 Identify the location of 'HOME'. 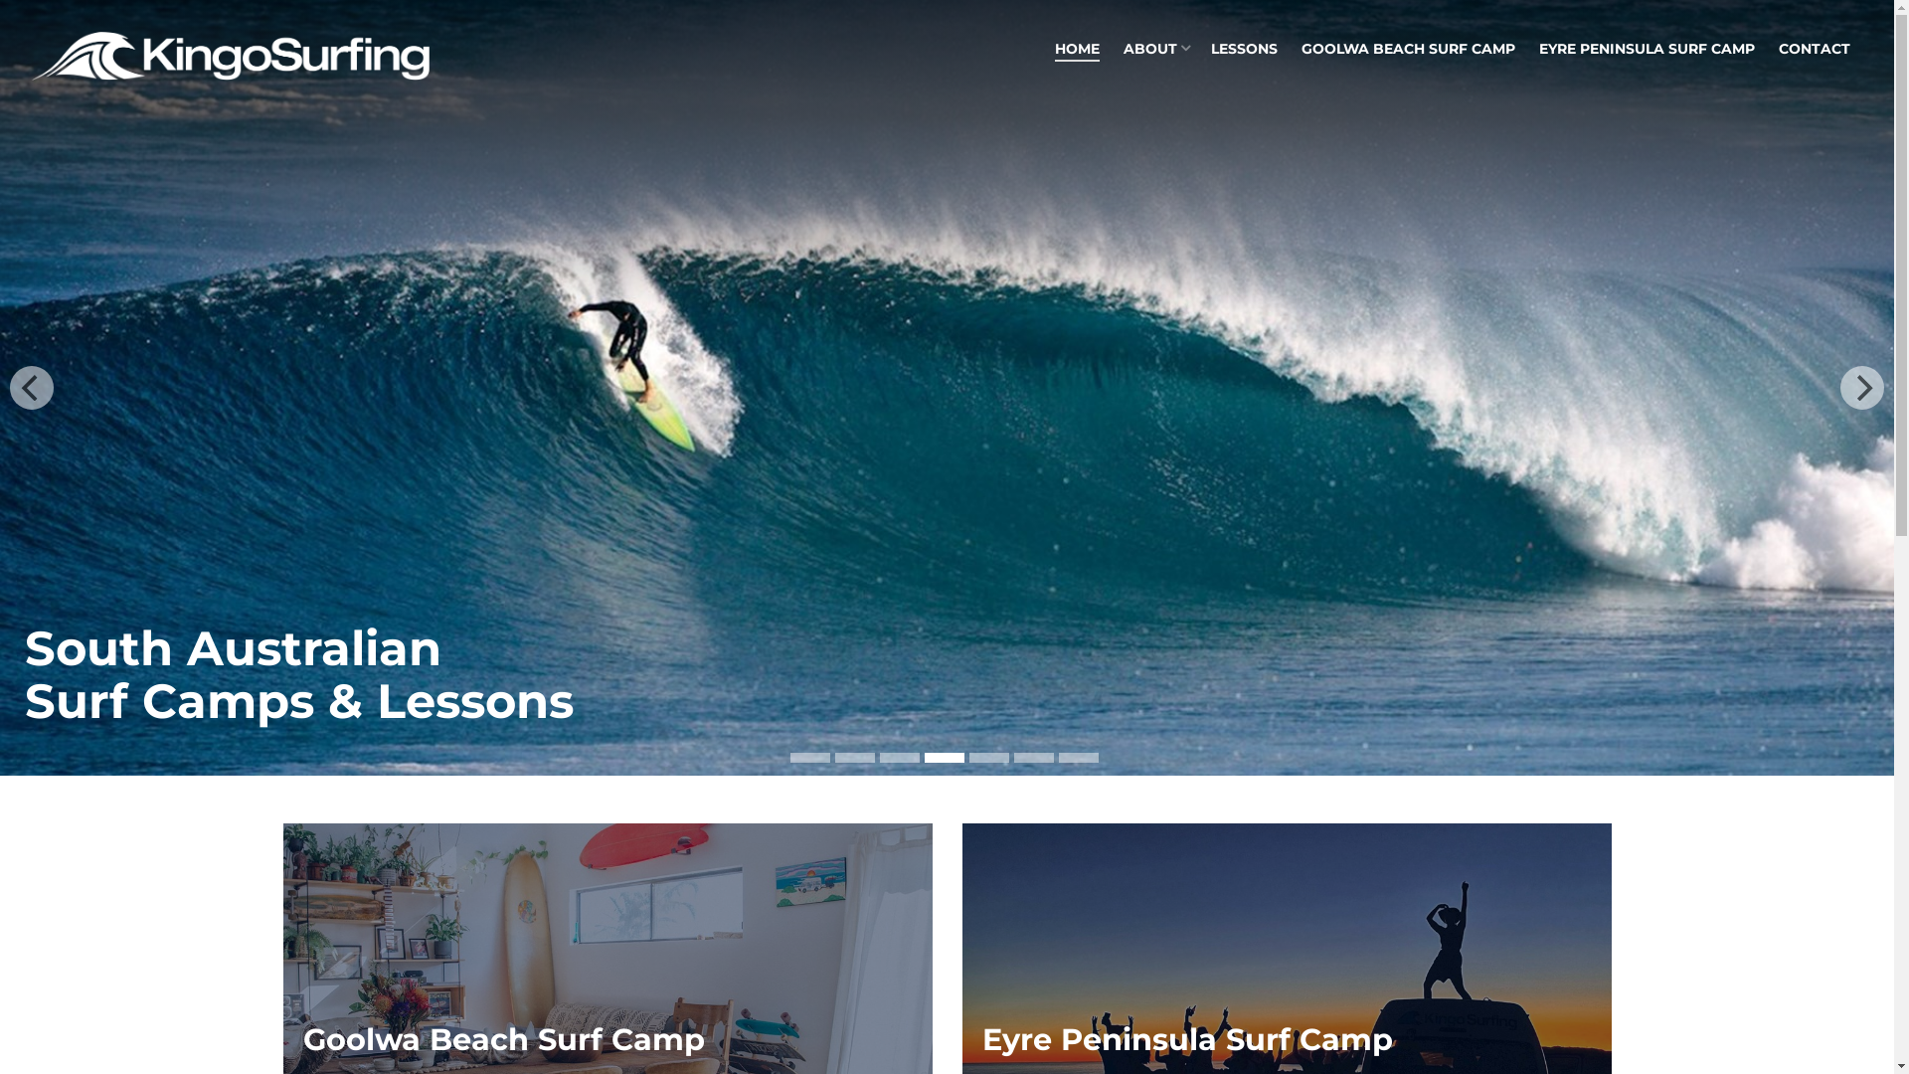
(1076, 49).